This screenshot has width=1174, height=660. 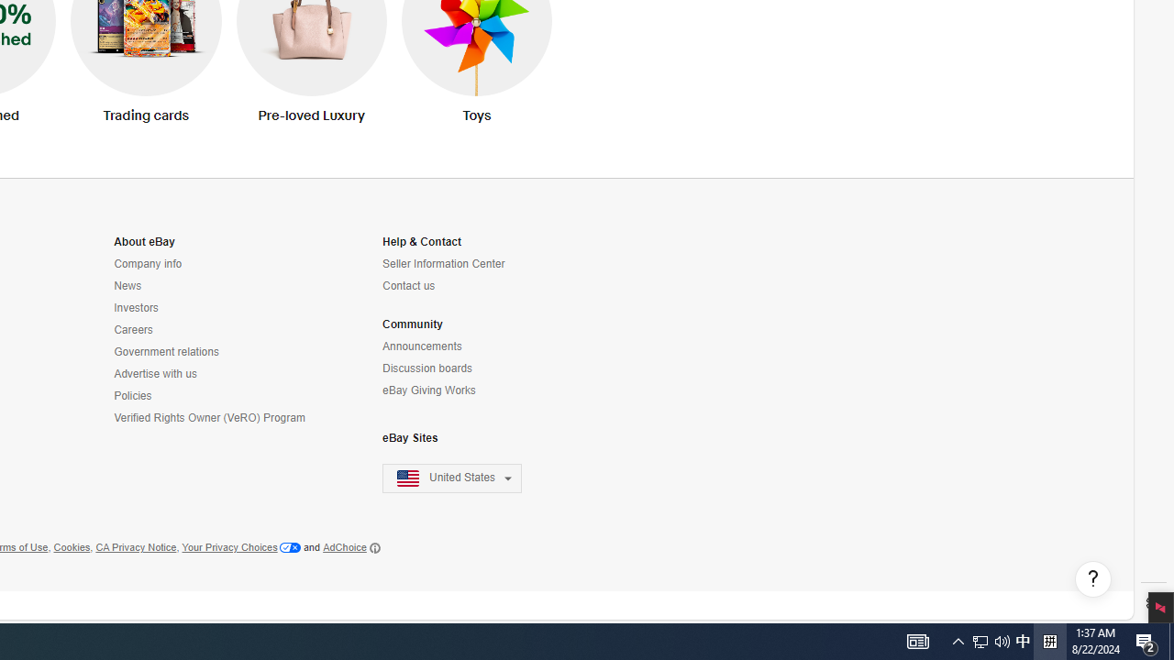 What do you see at coordinates (212, 373) in the screenshot?
I see `'Advertise with us'` at bounding box center [212, 373].